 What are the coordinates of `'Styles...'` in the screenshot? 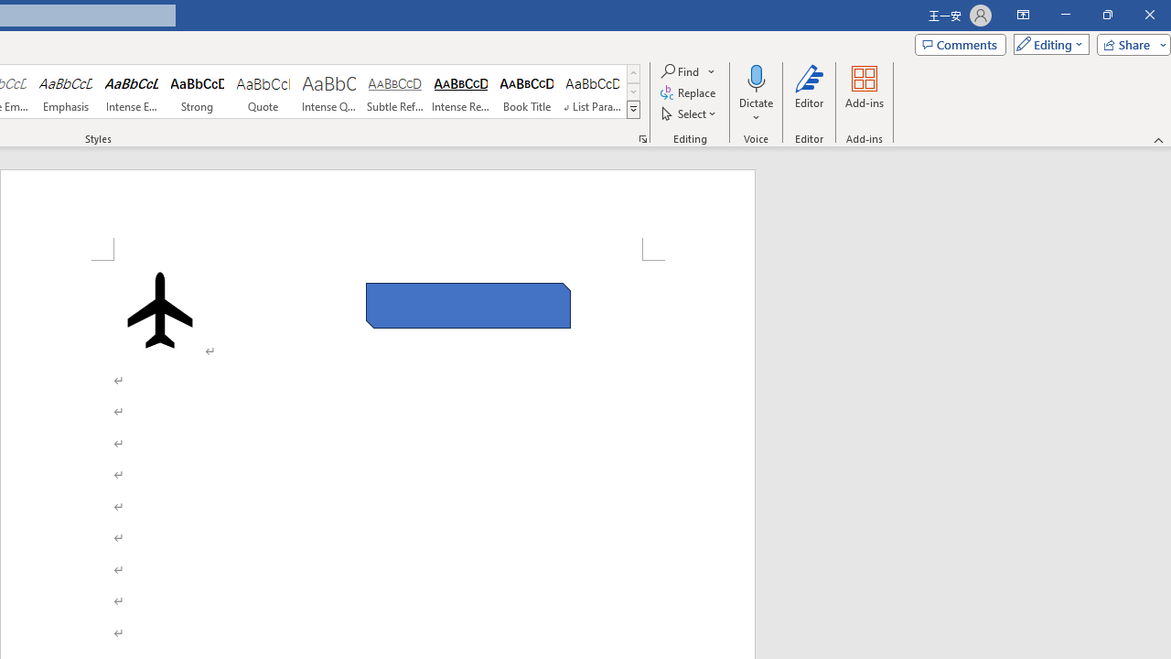 It's located at (642, 137).